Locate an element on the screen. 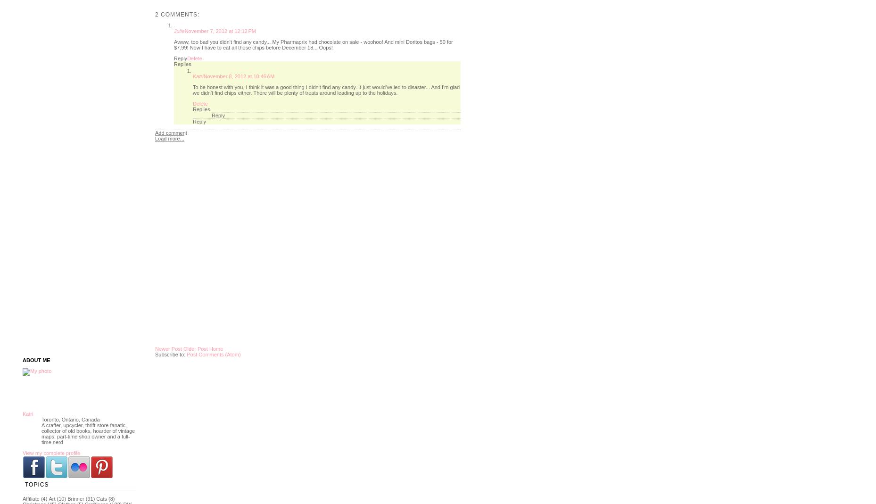 Image resolution: width=876 pixels, height=504 pixels. 'Post Comments (Atom)' is located at coordinates (213, 355).